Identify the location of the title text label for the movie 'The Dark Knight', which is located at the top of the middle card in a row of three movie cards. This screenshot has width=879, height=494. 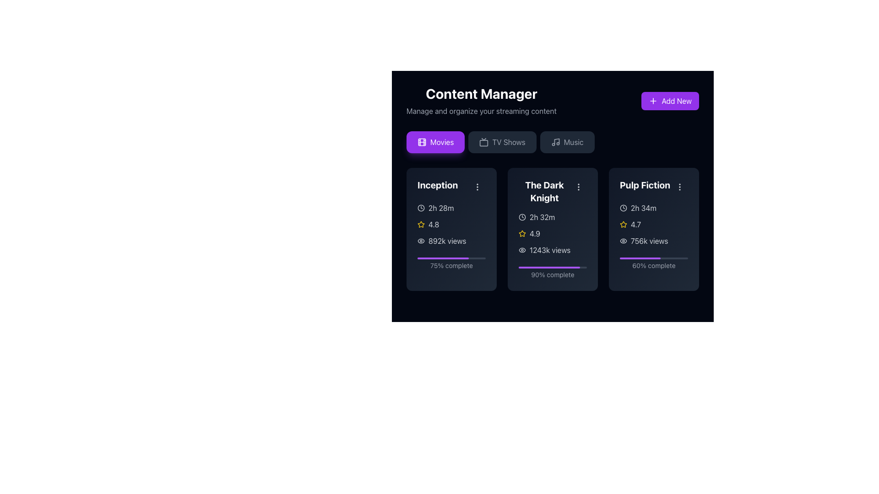
(552, 191).